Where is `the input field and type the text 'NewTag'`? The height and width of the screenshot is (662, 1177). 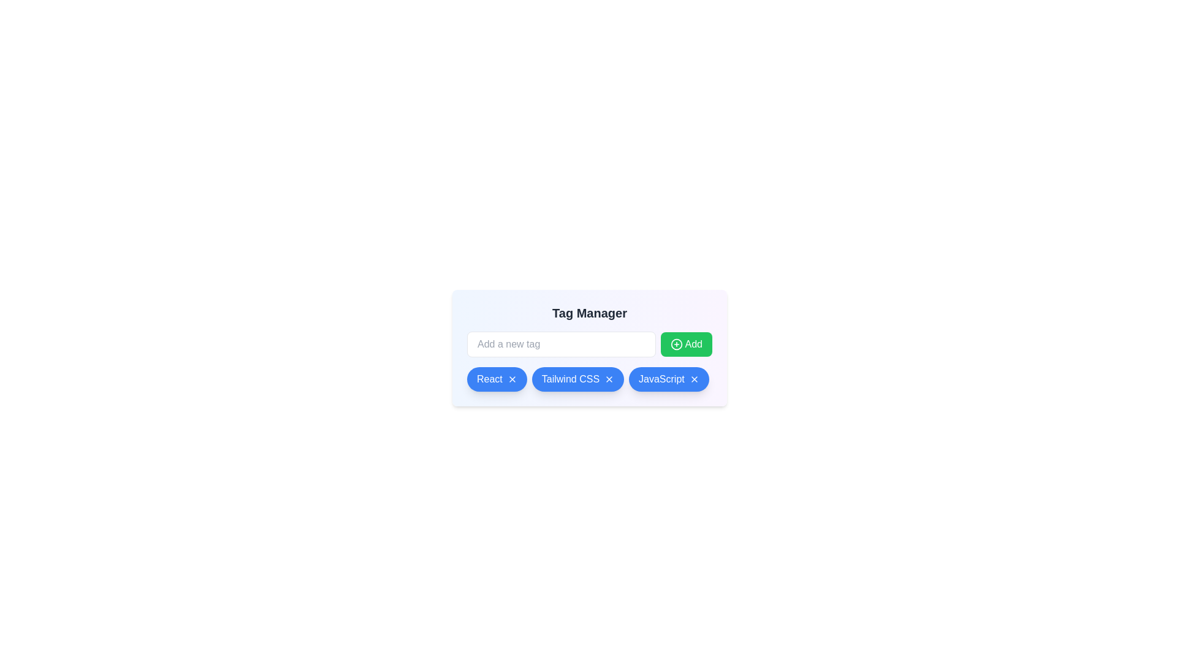
the input field and type the text 'NewTag' is located at coordinates (560, 344).